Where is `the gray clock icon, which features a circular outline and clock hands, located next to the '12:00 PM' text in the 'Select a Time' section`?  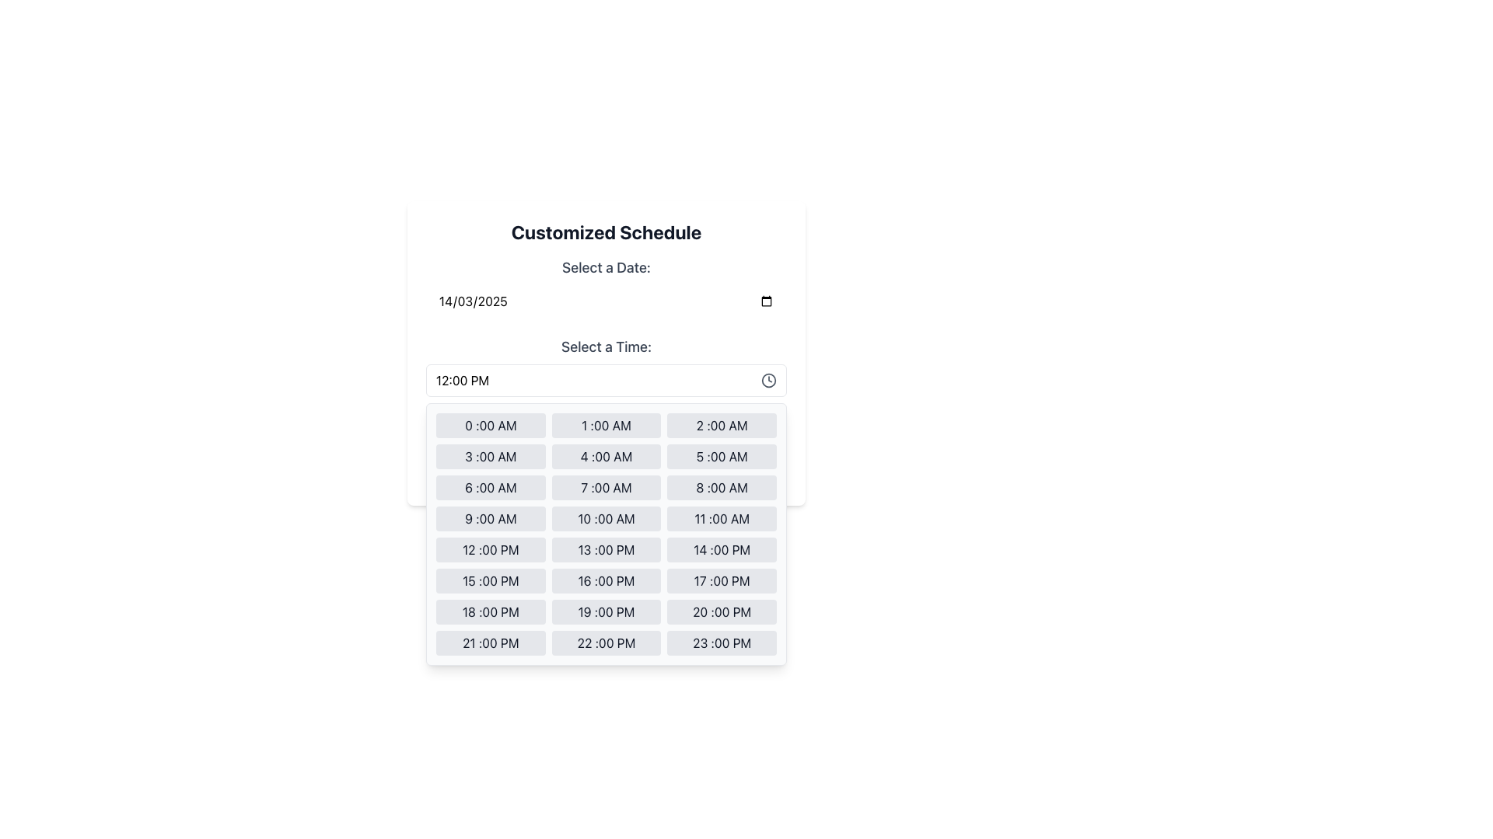 the gray clock icon, which features a circular outline and clock hands, located next to the '12:00 PM' text in the 'Select a Time' section is located at coordinates (768, 380).